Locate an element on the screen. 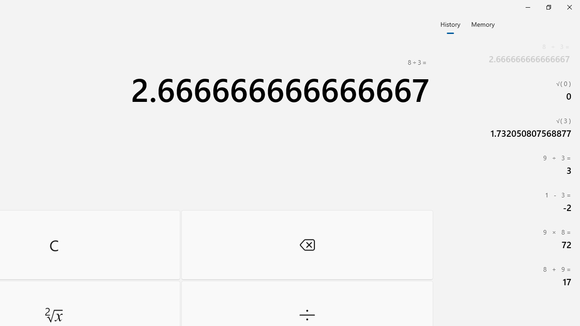 This screenshot has height=326, width=580. 'History' is located at coordinates (450, 23).